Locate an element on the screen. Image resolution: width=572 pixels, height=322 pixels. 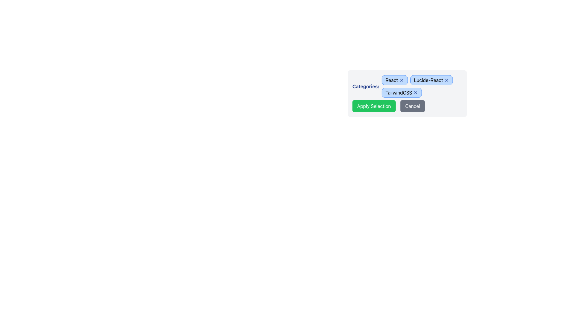
the close icon button for the 'Lucide-React' tag is located at coordinates (446, 80).